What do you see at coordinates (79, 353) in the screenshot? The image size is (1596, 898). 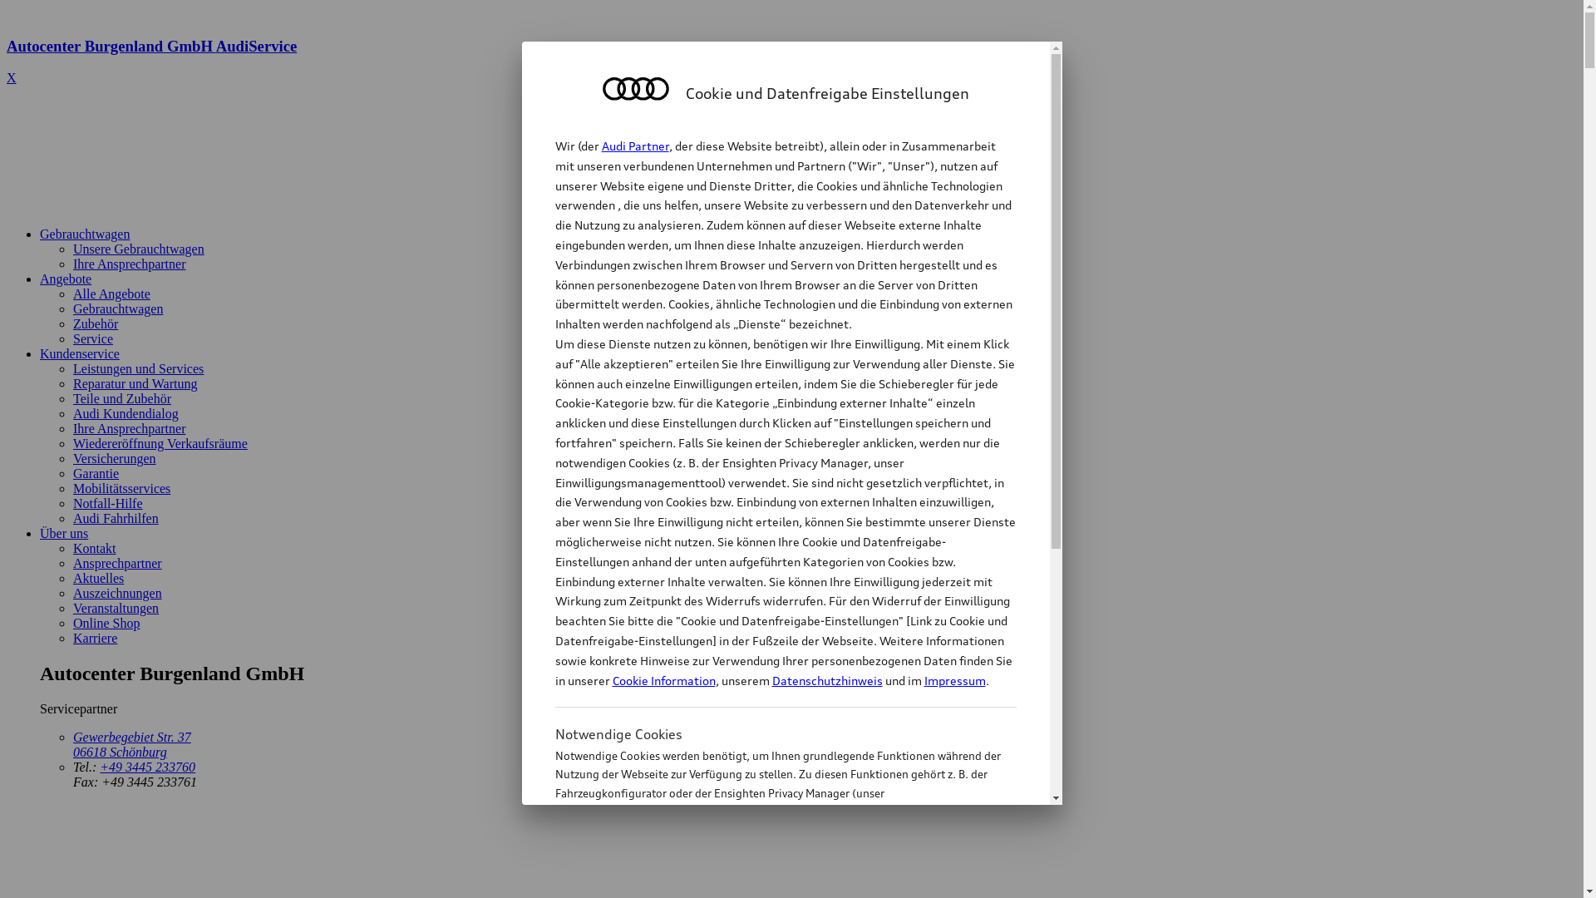 I see `'Kundenservice'` at bounding box center [79, 353].